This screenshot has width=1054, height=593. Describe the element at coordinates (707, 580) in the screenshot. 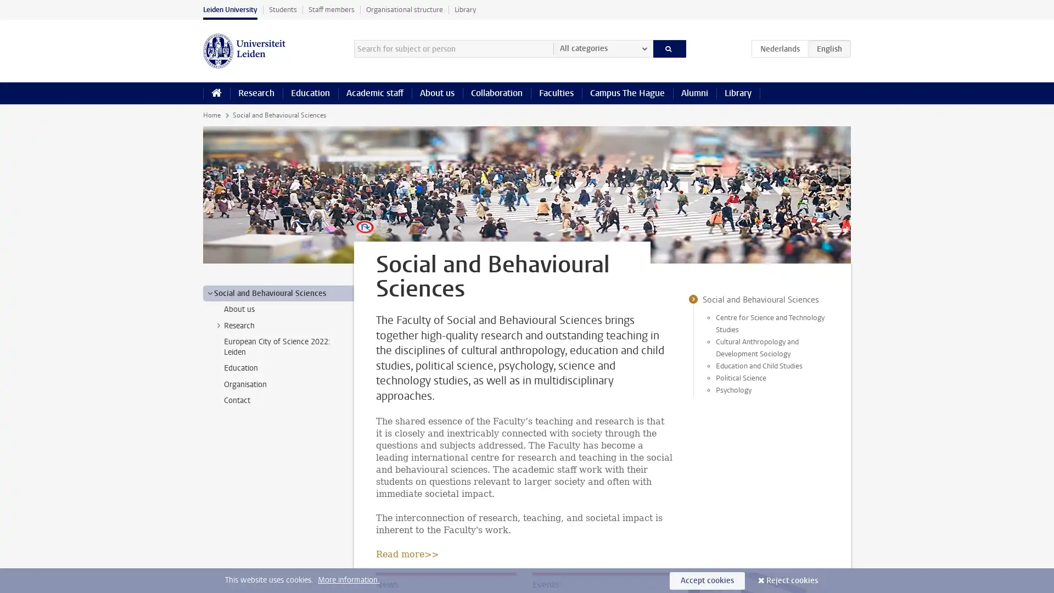

I see `Accept cookies` at that location.